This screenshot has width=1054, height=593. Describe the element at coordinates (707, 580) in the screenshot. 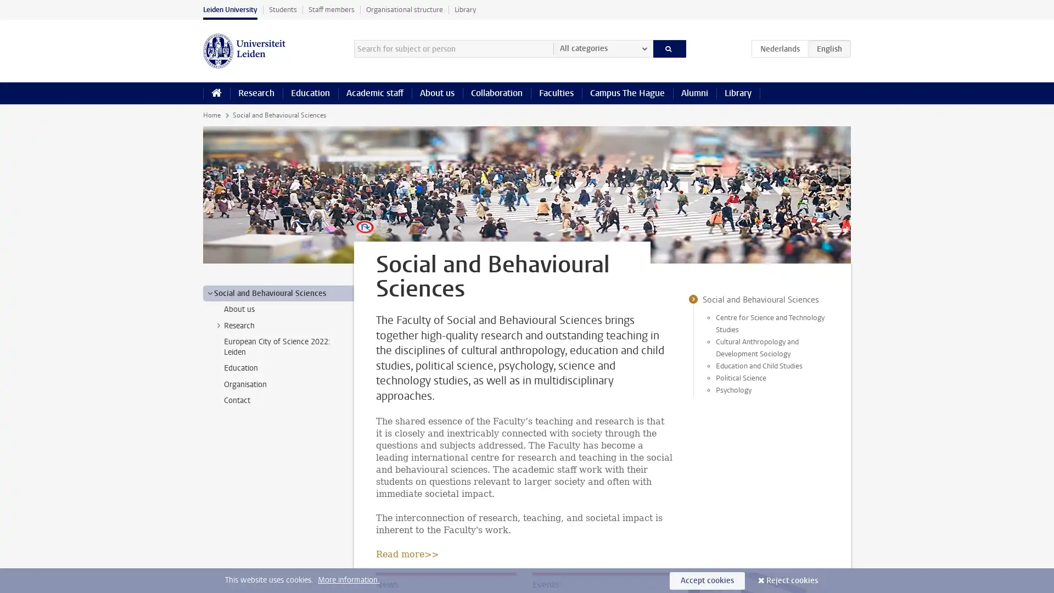

I see `Accept cookies` at that location.